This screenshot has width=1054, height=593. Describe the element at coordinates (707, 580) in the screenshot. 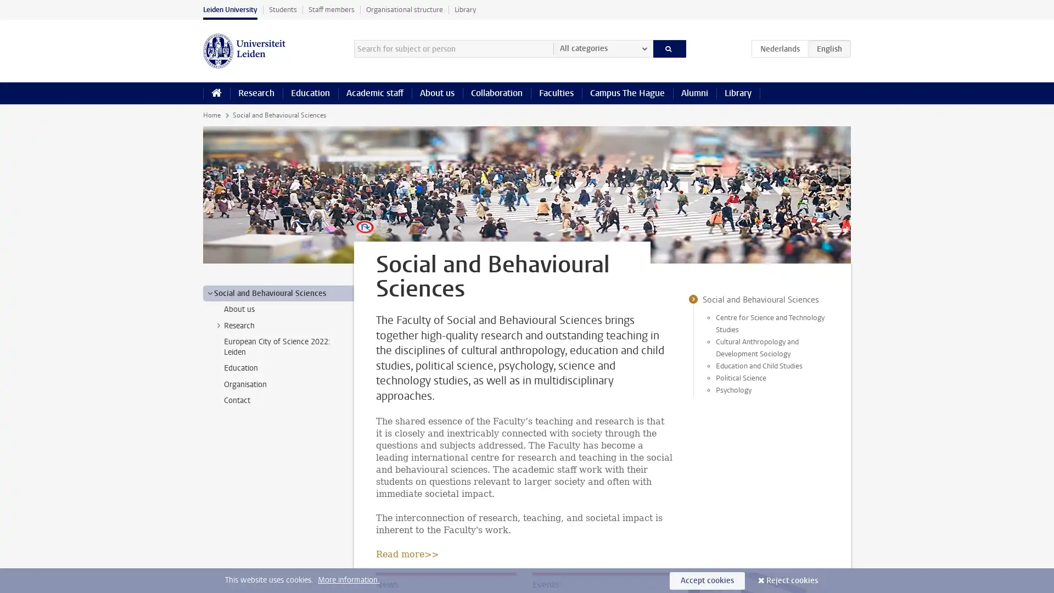

I see `Accept cookies` at that location.